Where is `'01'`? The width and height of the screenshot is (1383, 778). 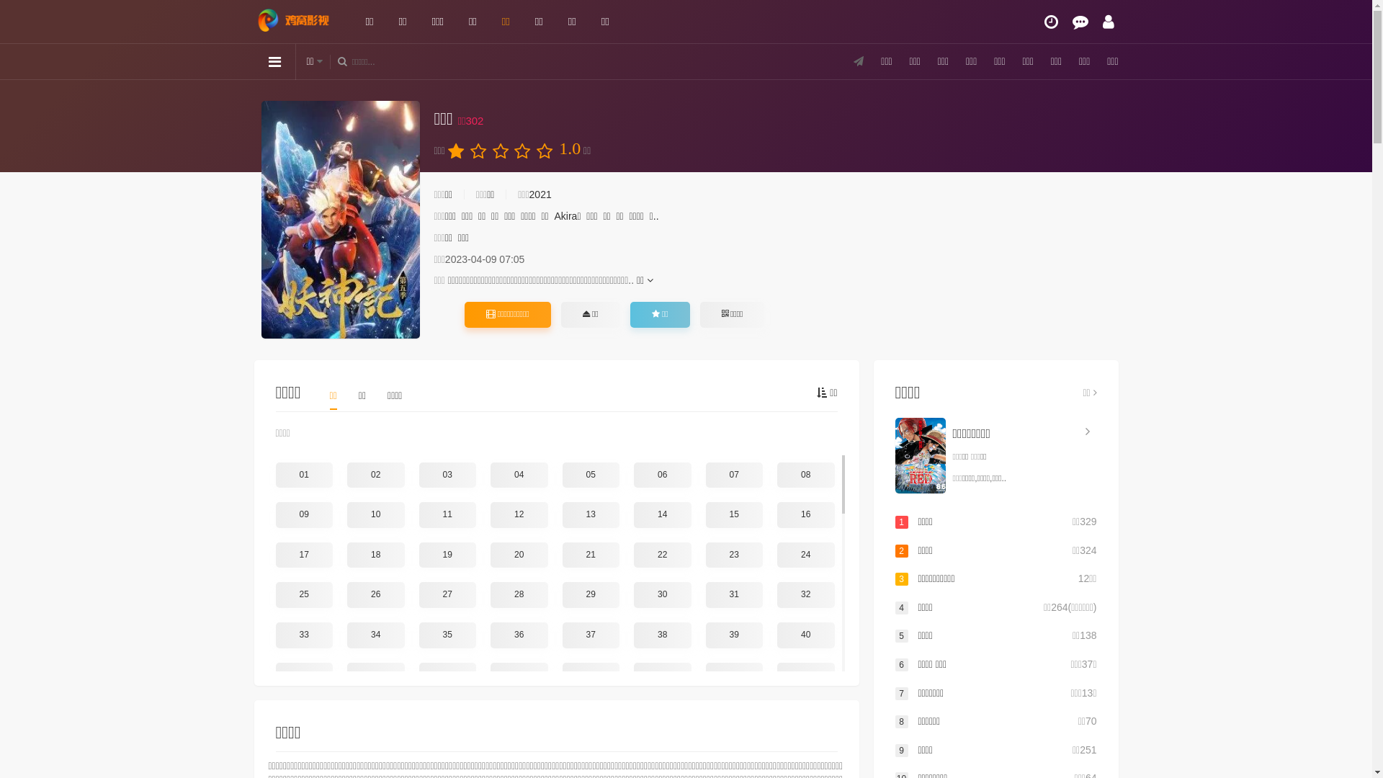 '01' is located at coordinates (303, 475).